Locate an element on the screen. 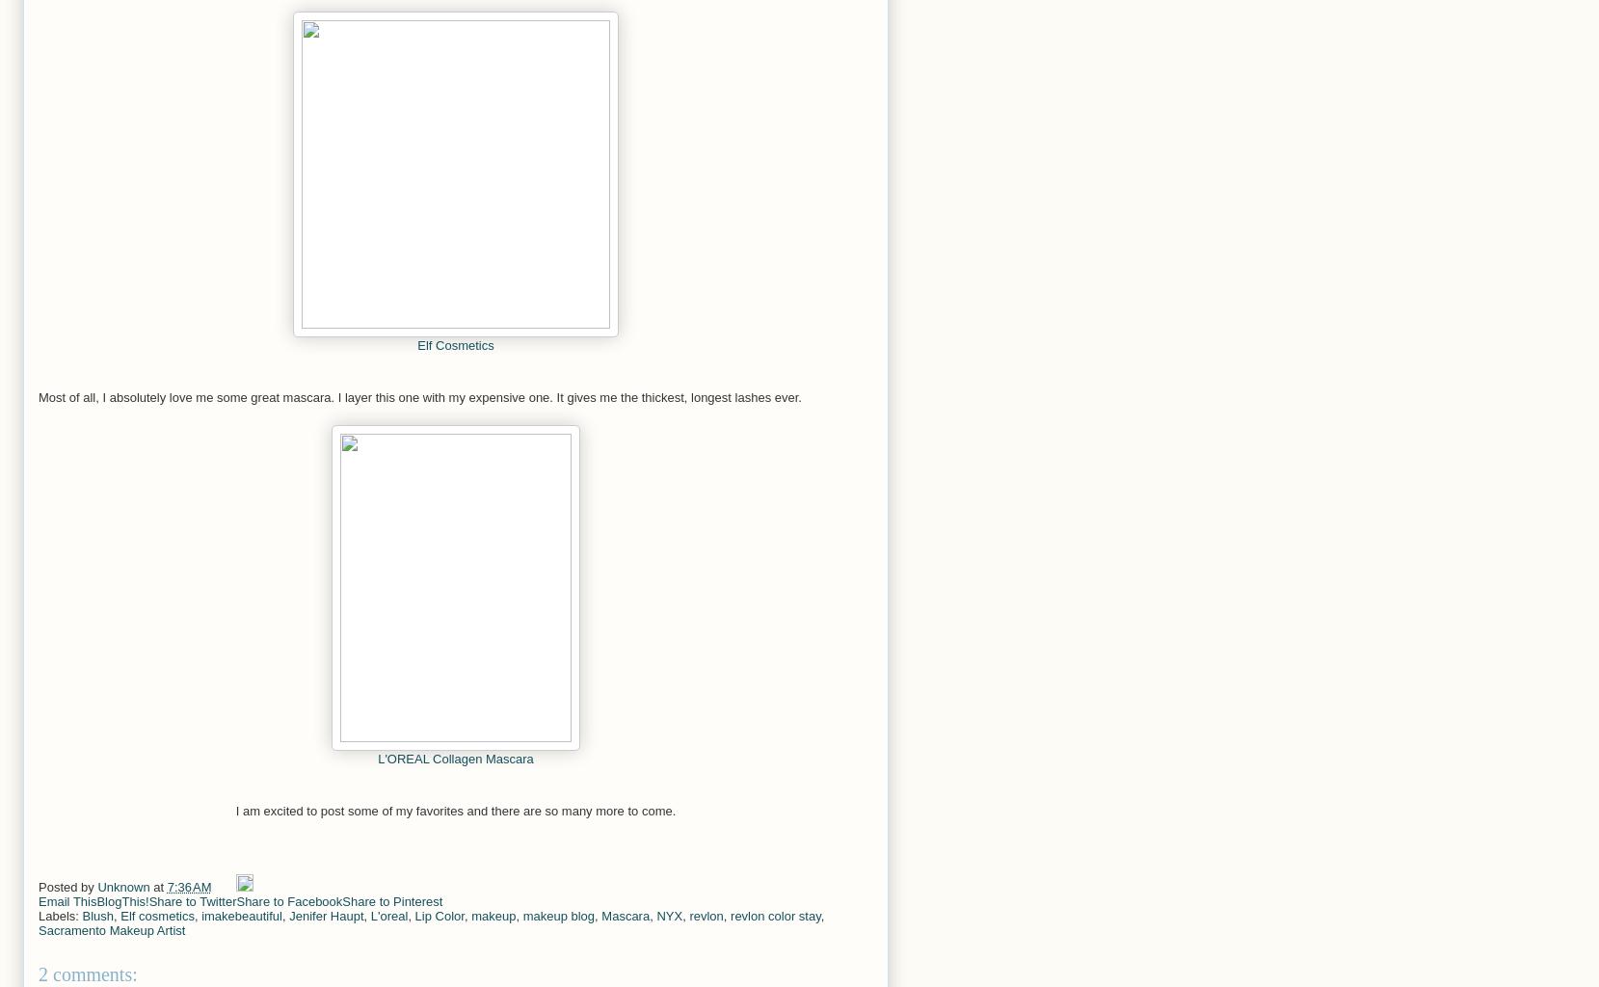 Image resolution: width=1599 pixels, height=987 pixels. 'Most of all, I absolutely love me some great mascara. I layer this one with my expensive one. It gives me the thickest, longest lashes ever.' is located at coordinates (419, 396).